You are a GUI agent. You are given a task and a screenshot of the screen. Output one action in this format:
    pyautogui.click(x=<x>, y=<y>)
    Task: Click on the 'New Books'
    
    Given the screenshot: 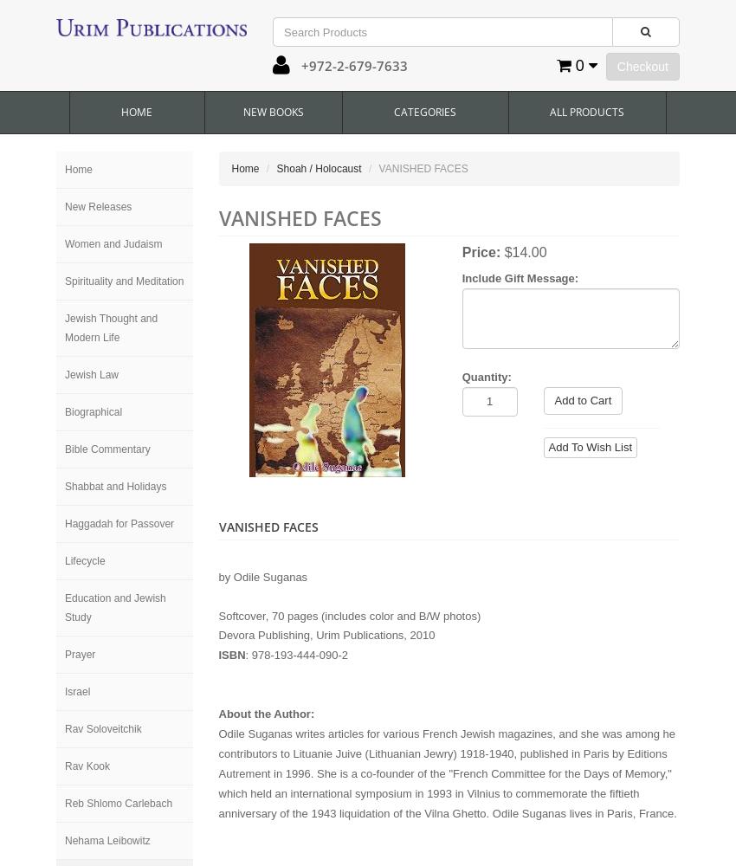 What is the action you would take?
    pyautogui.click(x=273, y=112)
    